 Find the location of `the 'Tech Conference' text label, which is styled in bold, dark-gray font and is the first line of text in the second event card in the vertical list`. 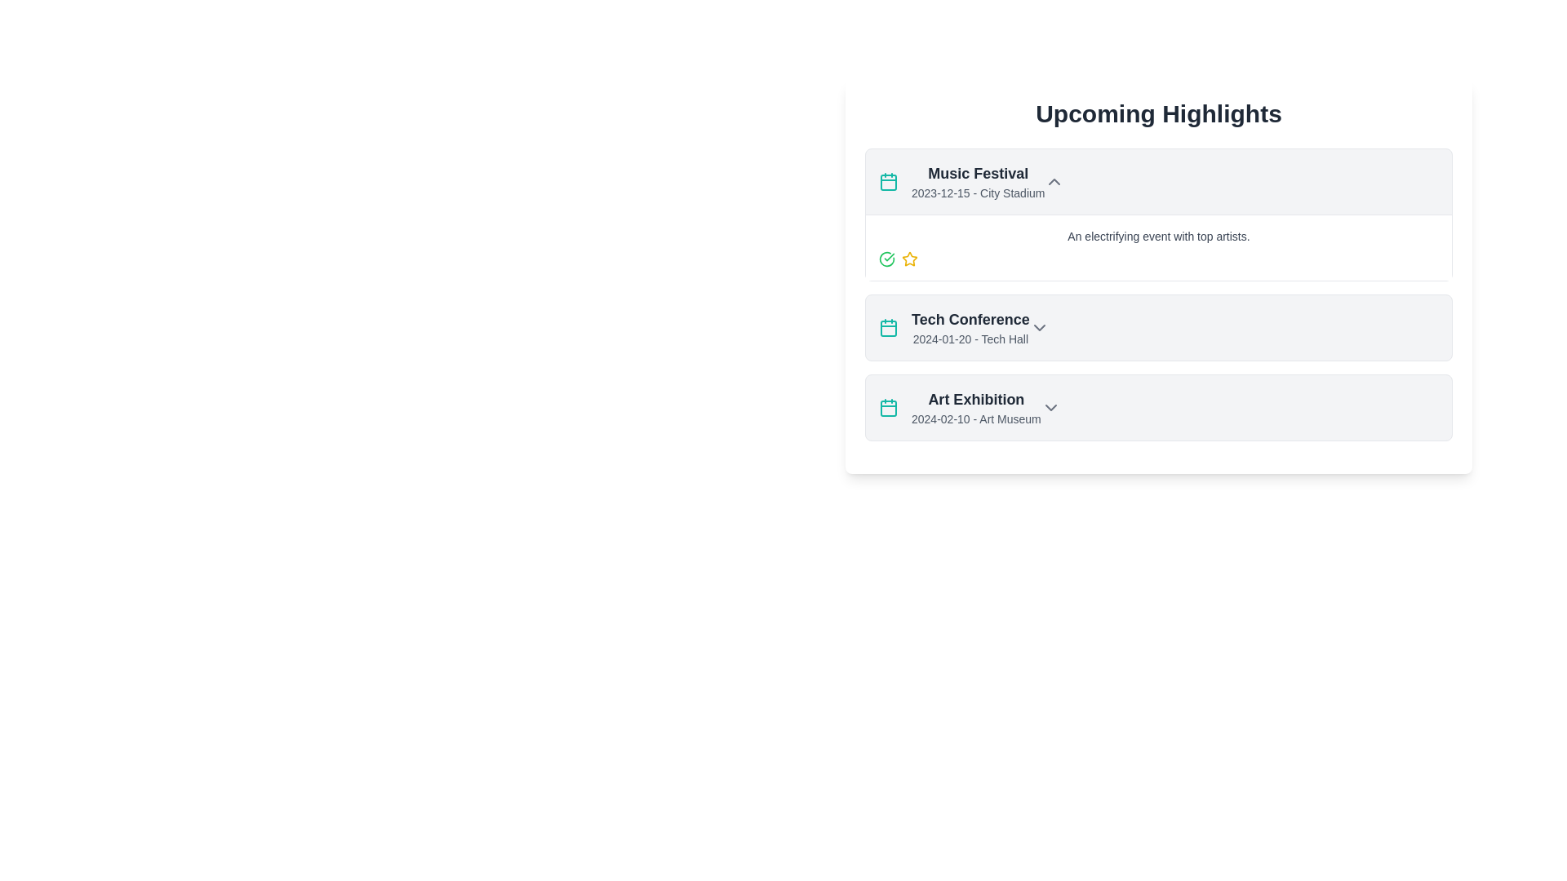

the 'Tech Conference' text label, which is styled in bold, dark-gray font and is the first line of text in the second event card in the vertical list is located at coordinates (970, 320).